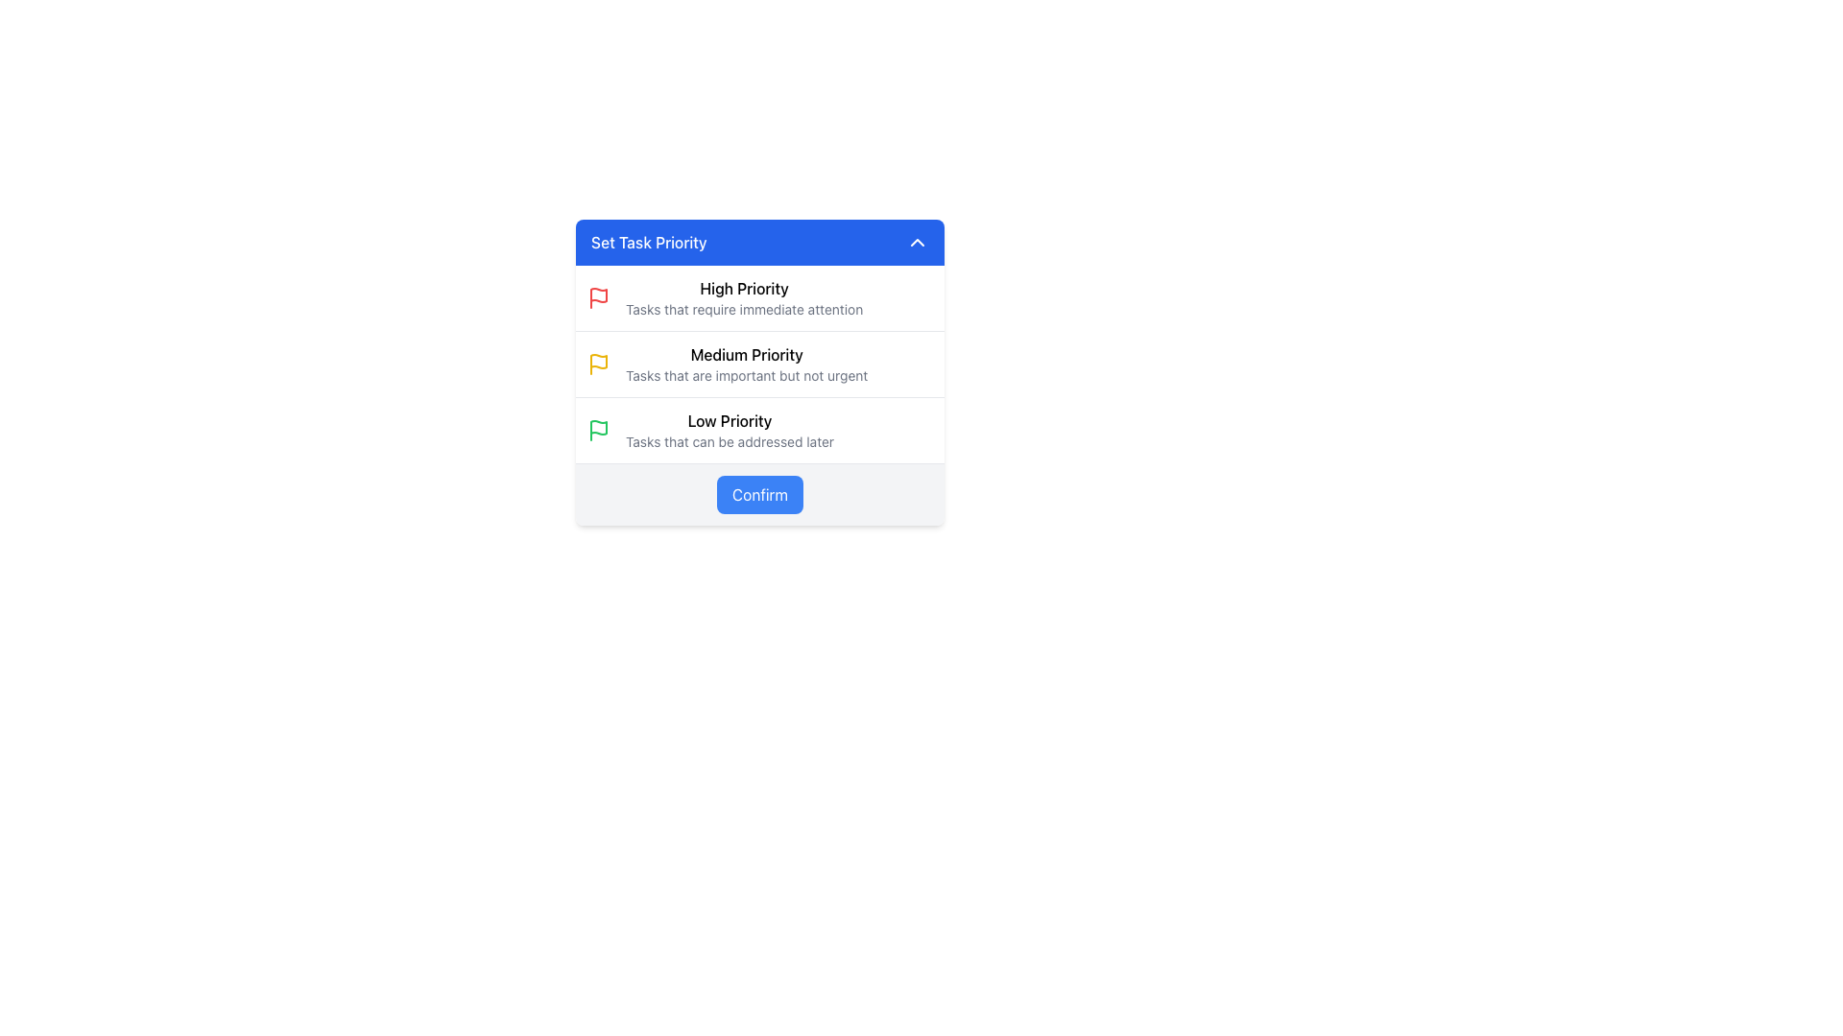 The width and height of the screenshot is (1843, 1036). What do you see at coordinates (916, 242) in the screenshot?
I see `the icon toggler located at the top-right corner of the 'Set Task Priority' panel` at bounding box center [916, 242].